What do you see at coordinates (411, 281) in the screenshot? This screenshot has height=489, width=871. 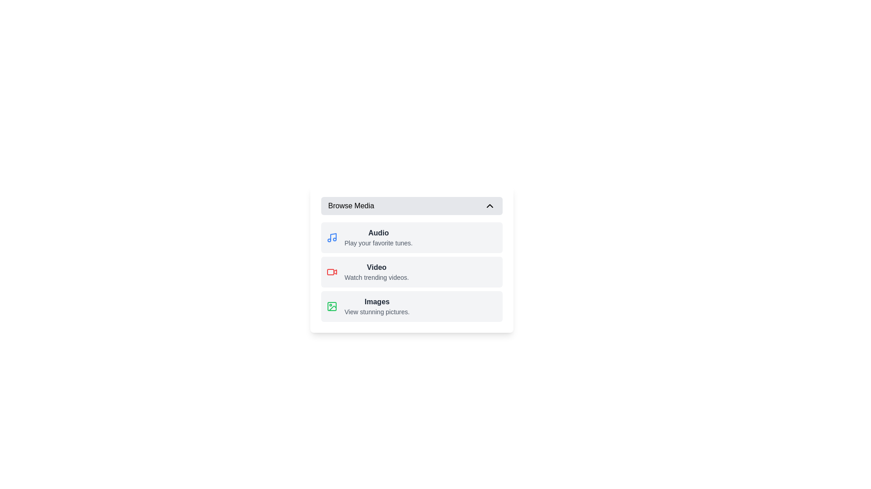 I see `the 'Video' menu item, which is the second option in the 'Browse Media' section` at bounding box center [411, 281].